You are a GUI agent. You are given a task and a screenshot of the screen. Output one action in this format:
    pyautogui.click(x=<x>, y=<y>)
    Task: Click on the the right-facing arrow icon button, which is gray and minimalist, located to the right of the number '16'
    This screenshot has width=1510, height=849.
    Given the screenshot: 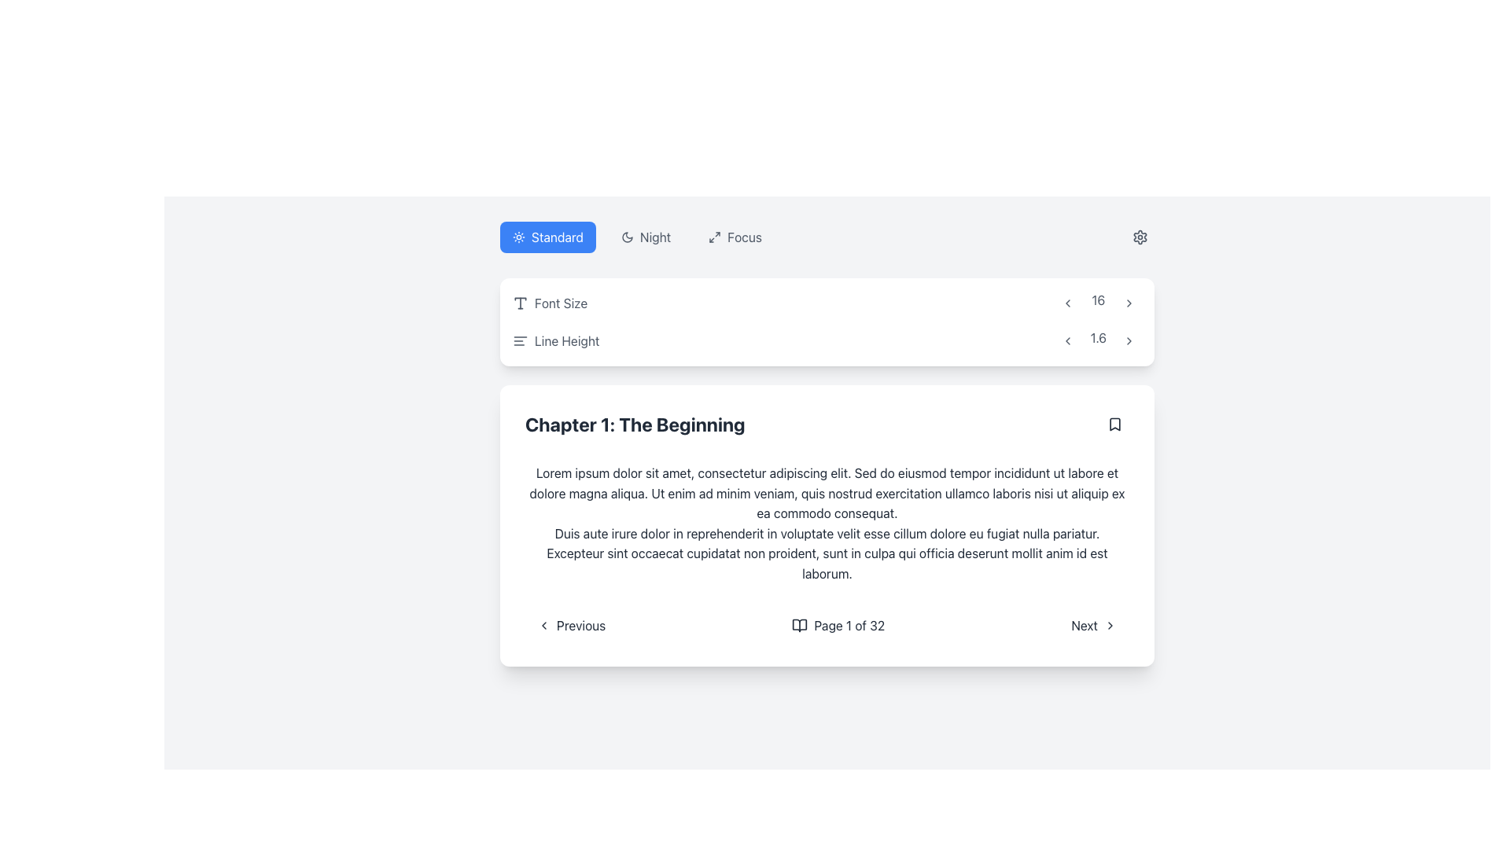 What is the action you would take?
    pyautogui.click(x=1128, y=303)
    